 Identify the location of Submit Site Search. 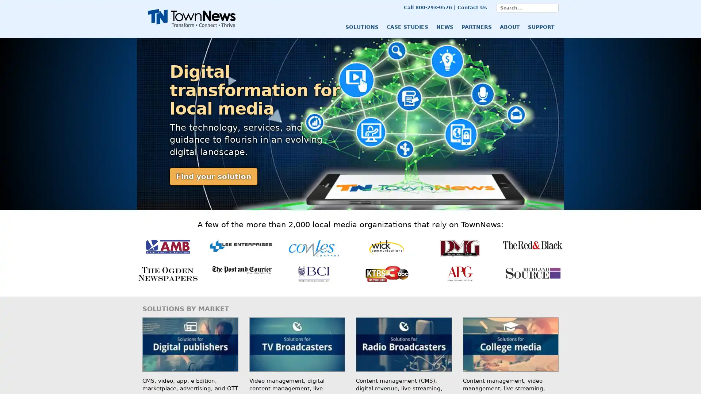
(554, 8).